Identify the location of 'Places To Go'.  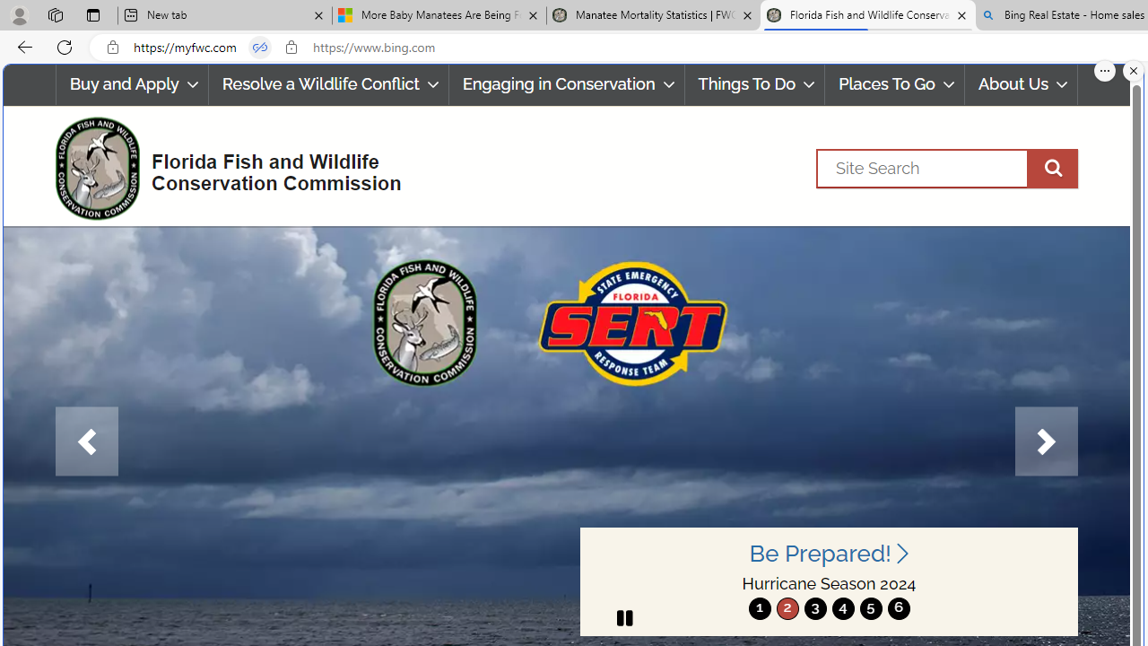
(895, 84).